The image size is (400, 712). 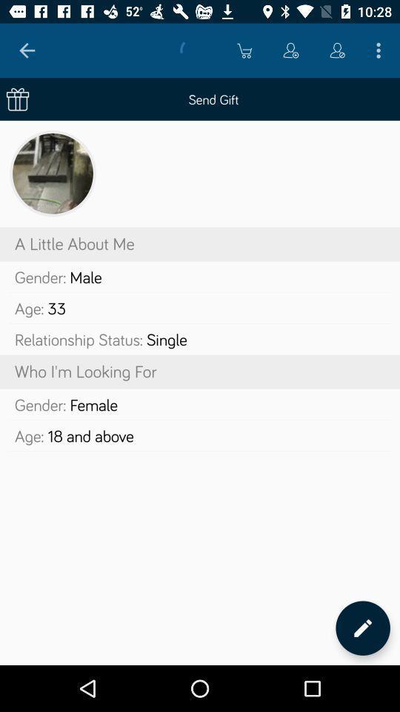 I want to click on the icon above send gift item, so click(x=337, y=50).